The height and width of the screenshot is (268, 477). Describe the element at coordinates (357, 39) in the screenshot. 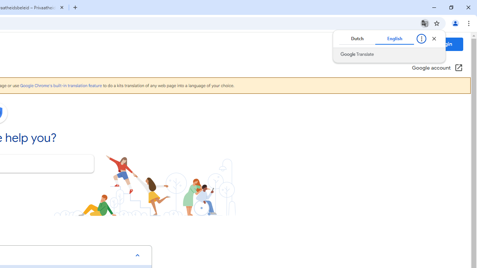

I see `'Dutch'` at that location.